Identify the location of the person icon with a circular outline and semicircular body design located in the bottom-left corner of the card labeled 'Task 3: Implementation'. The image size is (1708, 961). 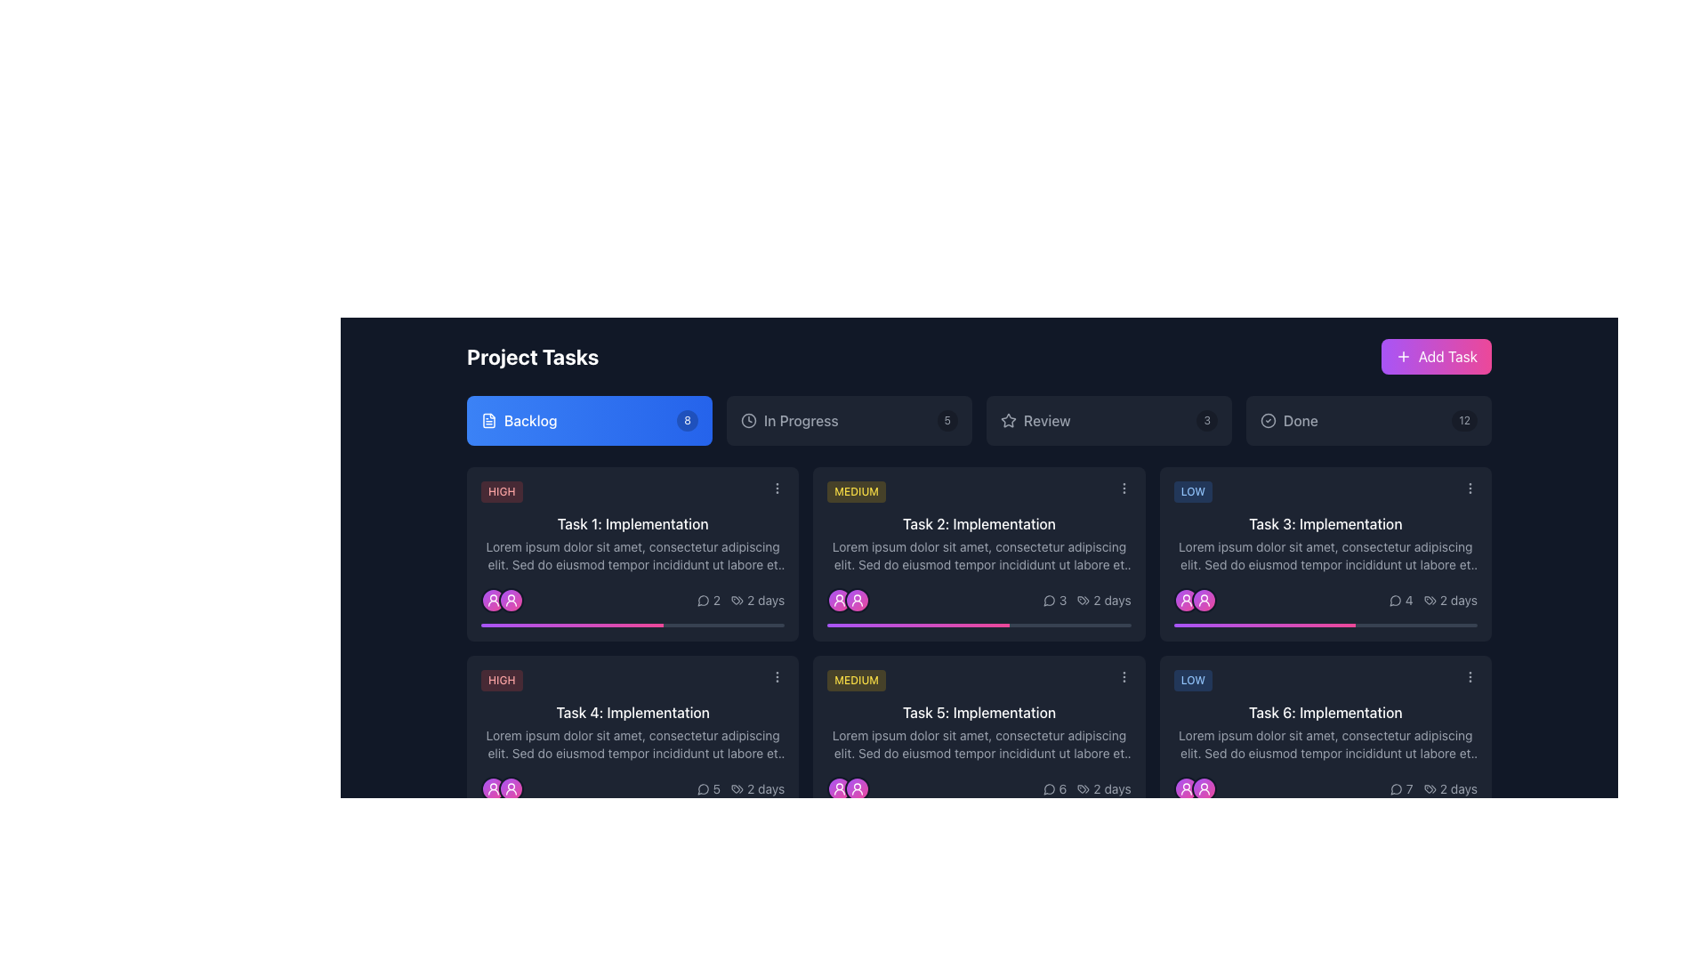
(1186, 788).